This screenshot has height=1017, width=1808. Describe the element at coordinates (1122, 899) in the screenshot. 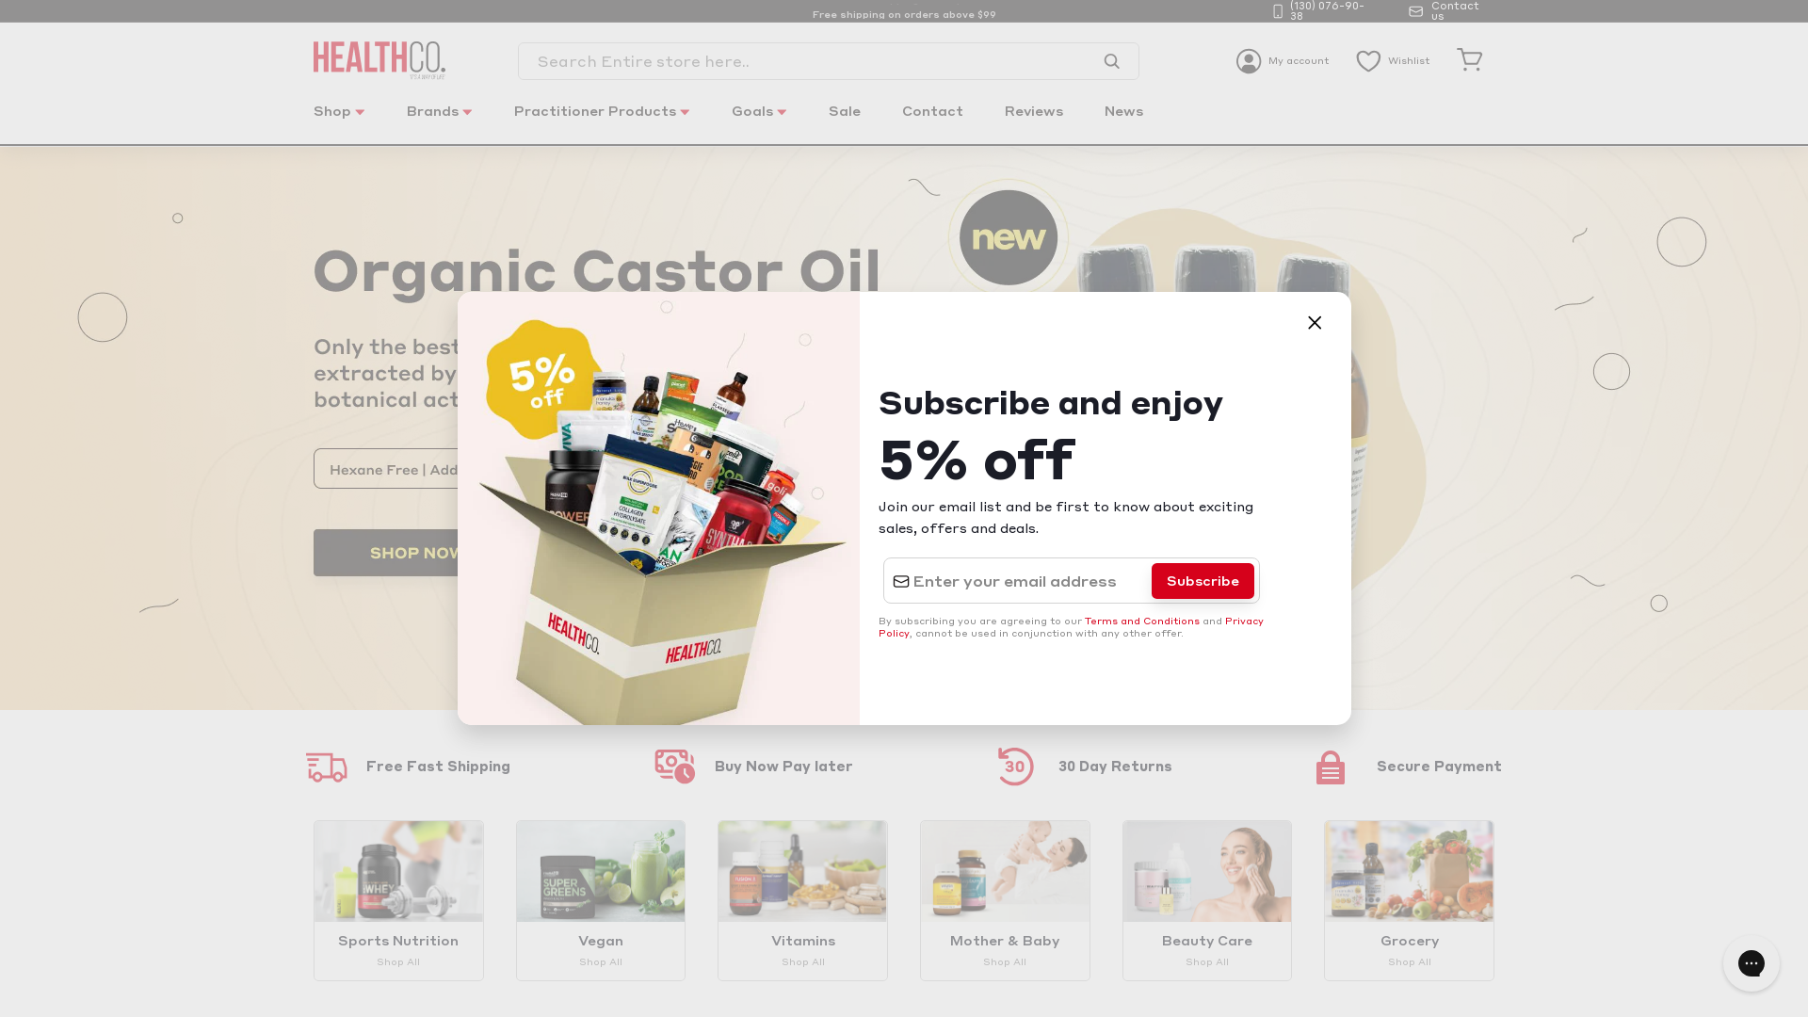

I see `'Beauty Care` at that location.